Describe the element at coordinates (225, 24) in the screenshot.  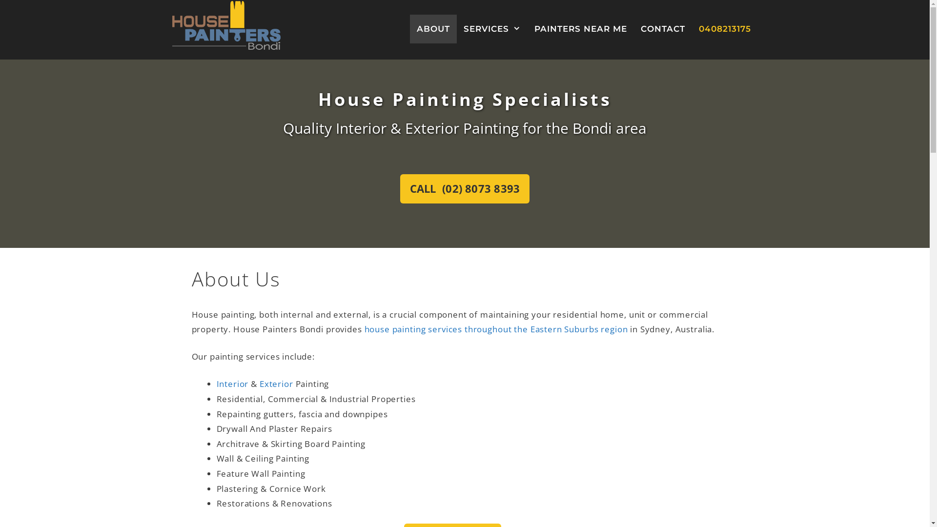
I see `'House Painters Bondi'` at that location.